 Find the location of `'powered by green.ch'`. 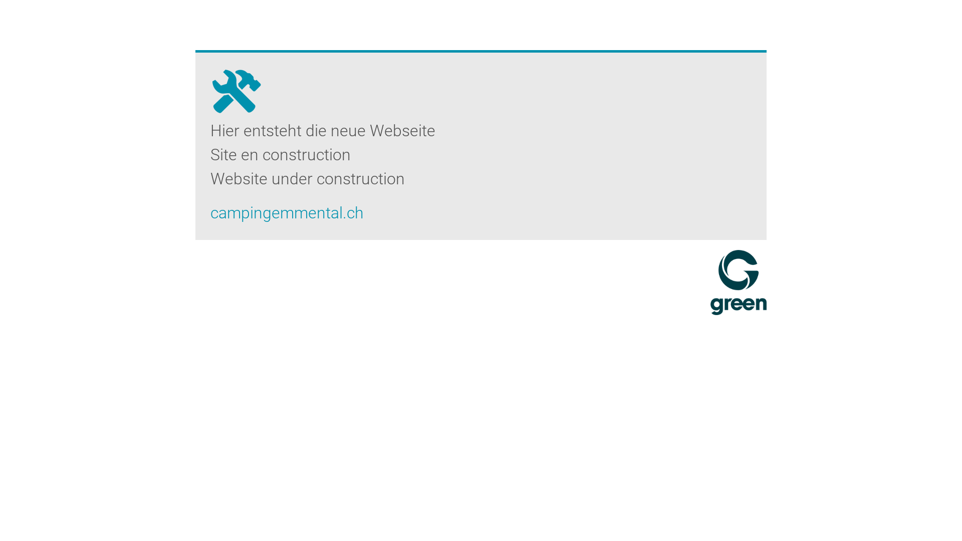

'powered by green.ch' is located at coordinates (709, 282).